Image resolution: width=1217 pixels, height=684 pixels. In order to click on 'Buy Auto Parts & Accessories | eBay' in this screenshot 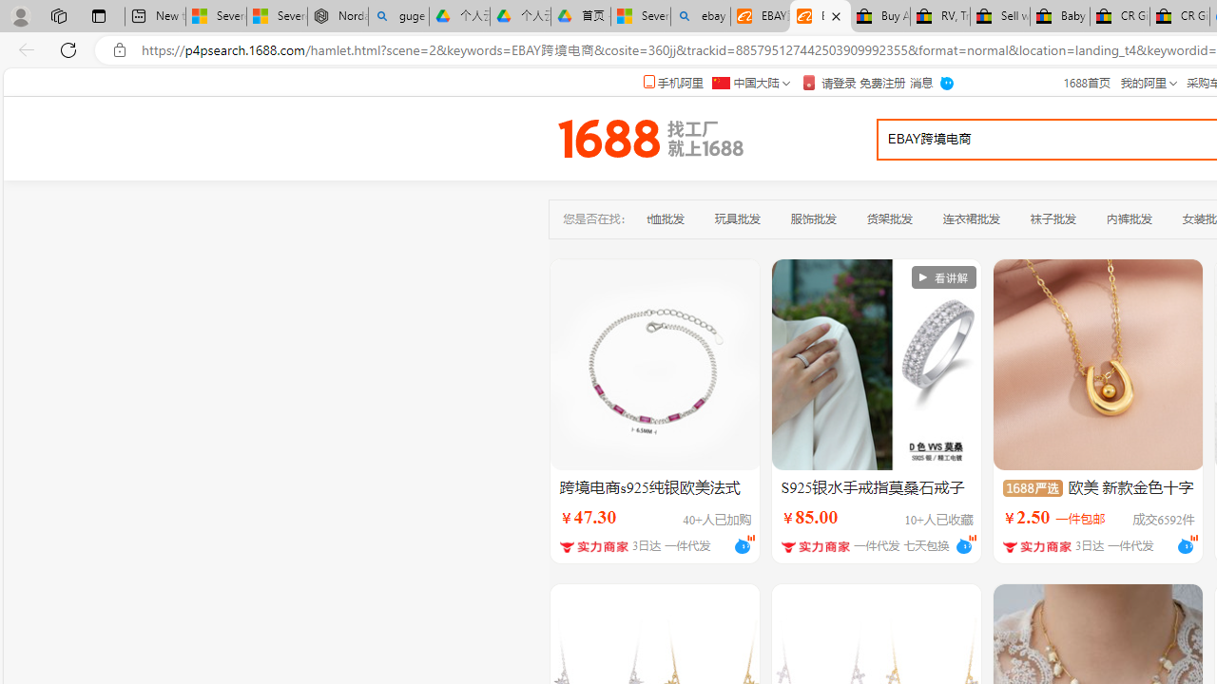, I will do `click(879, 16)`.